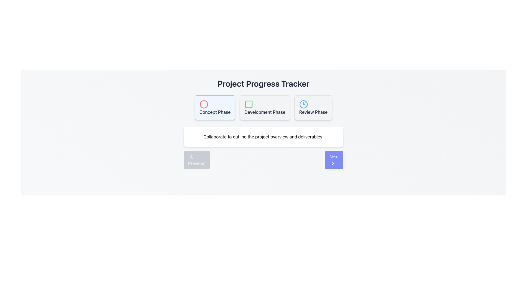 The height and width of the screenshot is (299, 532). What do you see at coordinates (263, 136) in the screenshot?
I see `the text label displaying 'Collaborate to outline the project overview and deliverables.'` at bounding box center [263, 136].